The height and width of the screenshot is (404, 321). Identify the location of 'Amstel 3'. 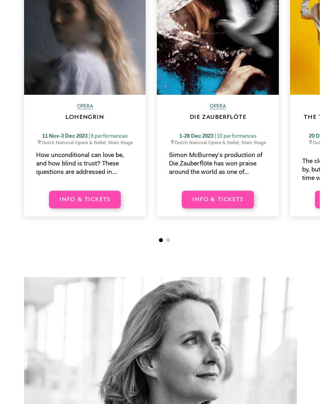
(36, 153).